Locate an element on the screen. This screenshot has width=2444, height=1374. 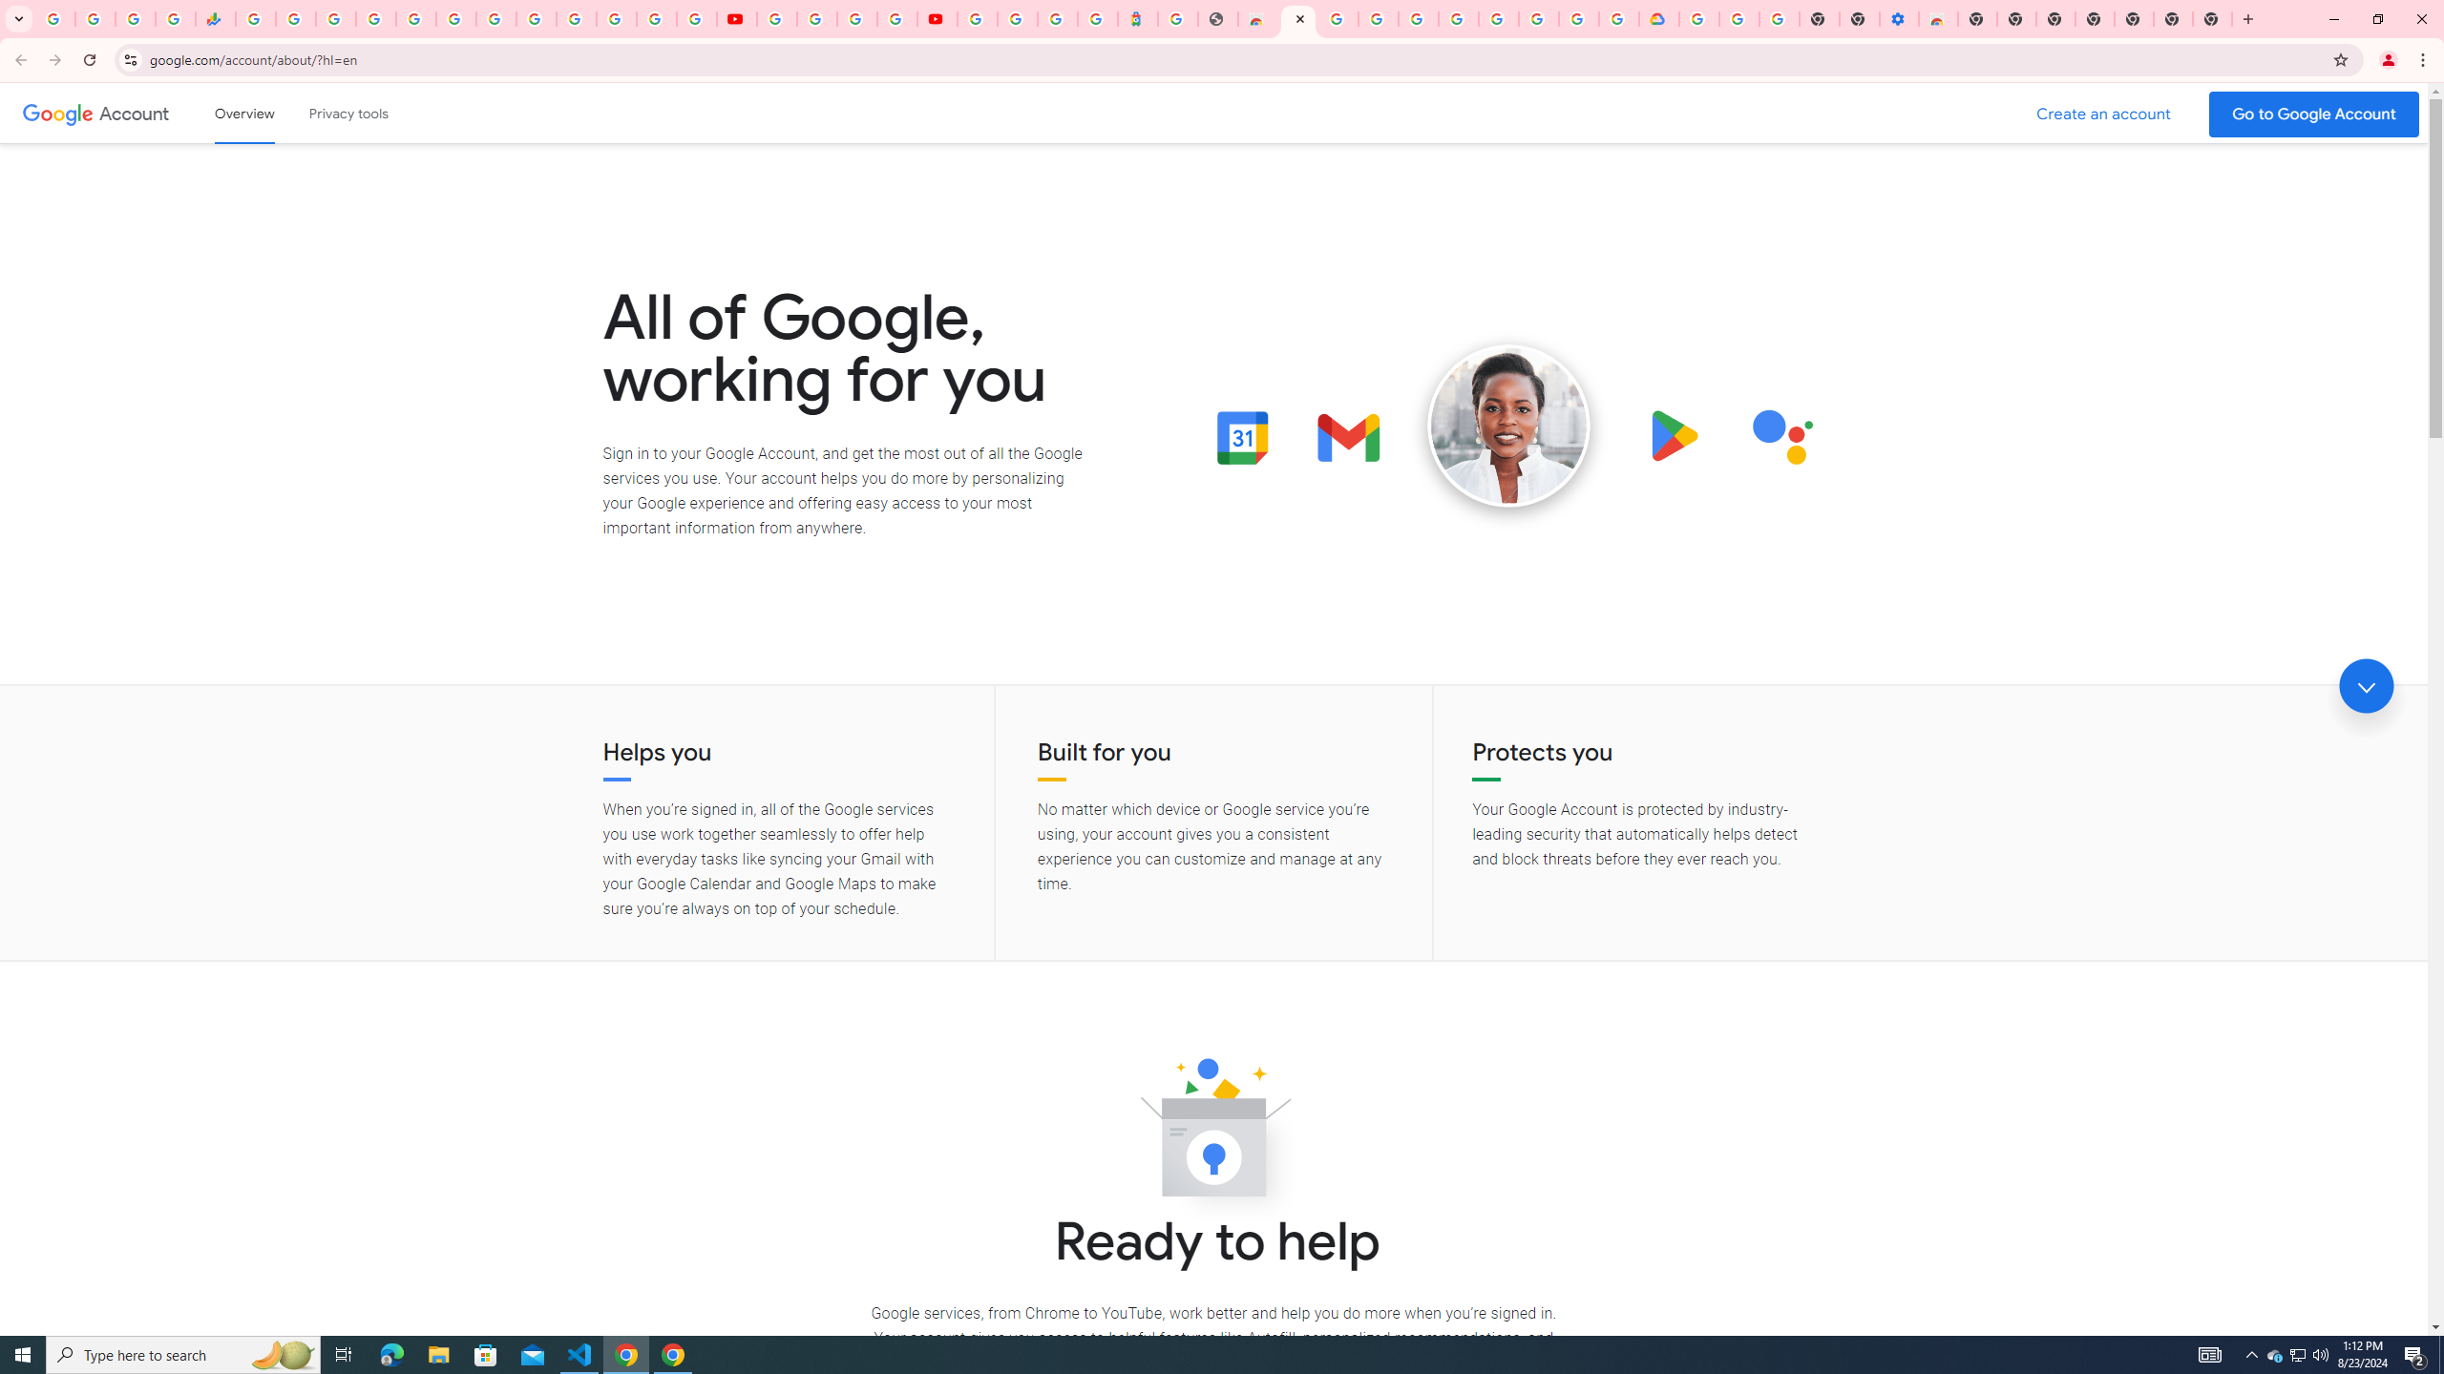
'Google Account Help' is located at coordinates (817, 18).